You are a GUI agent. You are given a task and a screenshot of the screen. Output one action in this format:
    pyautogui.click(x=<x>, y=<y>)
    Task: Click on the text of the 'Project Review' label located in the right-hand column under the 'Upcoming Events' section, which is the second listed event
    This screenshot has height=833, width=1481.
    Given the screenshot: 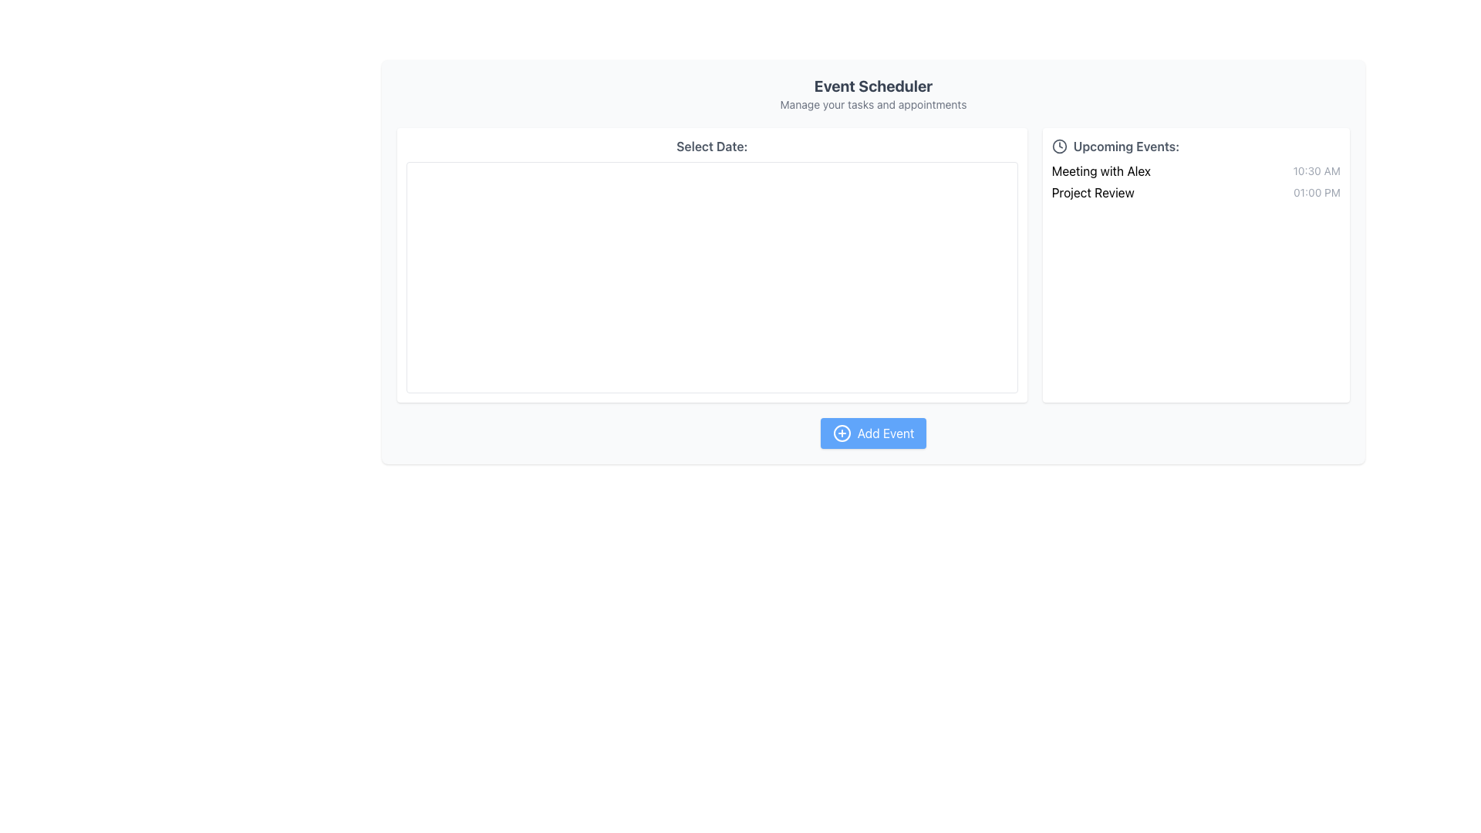 What is the action you would take?
    pyautogui.click(x=1092, y=192)
    